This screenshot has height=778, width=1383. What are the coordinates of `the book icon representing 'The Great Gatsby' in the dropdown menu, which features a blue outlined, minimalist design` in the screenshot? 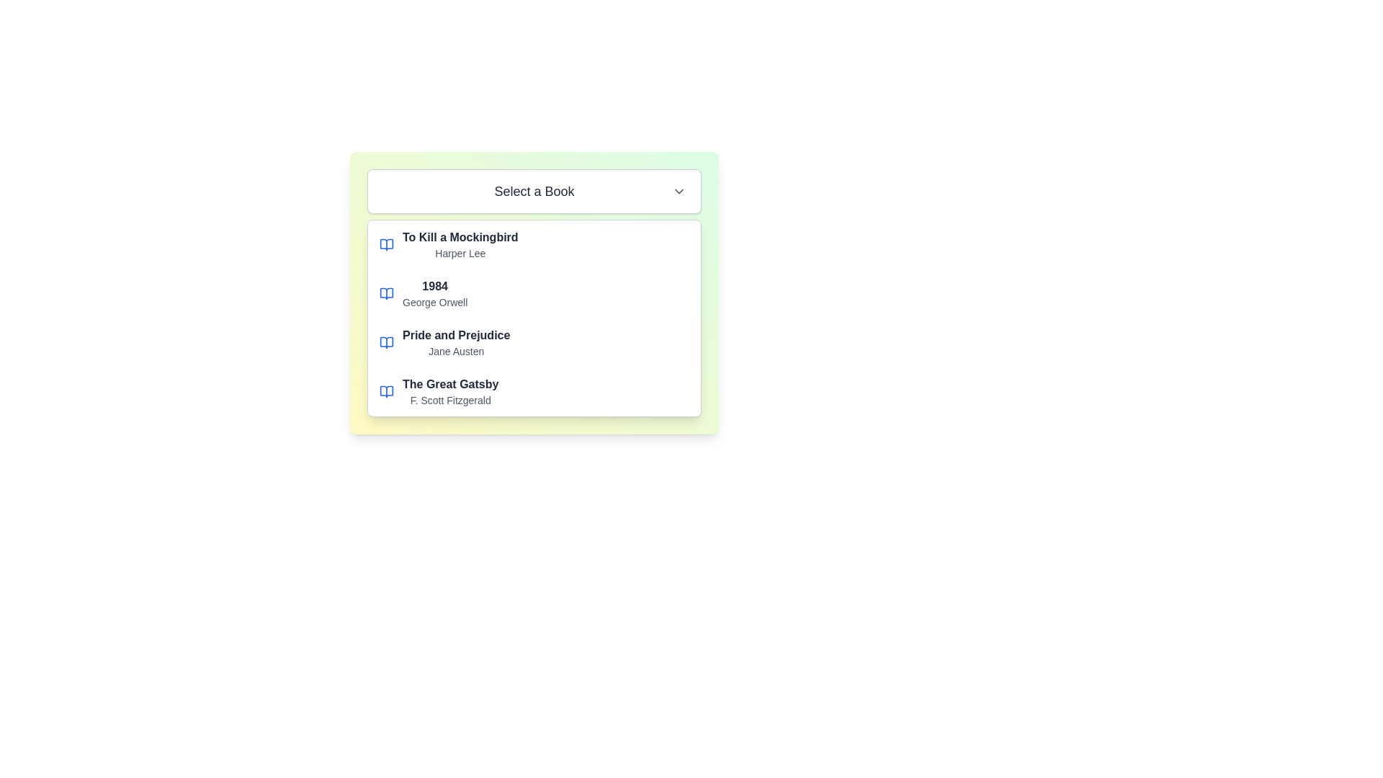 It's located at (387, 391).